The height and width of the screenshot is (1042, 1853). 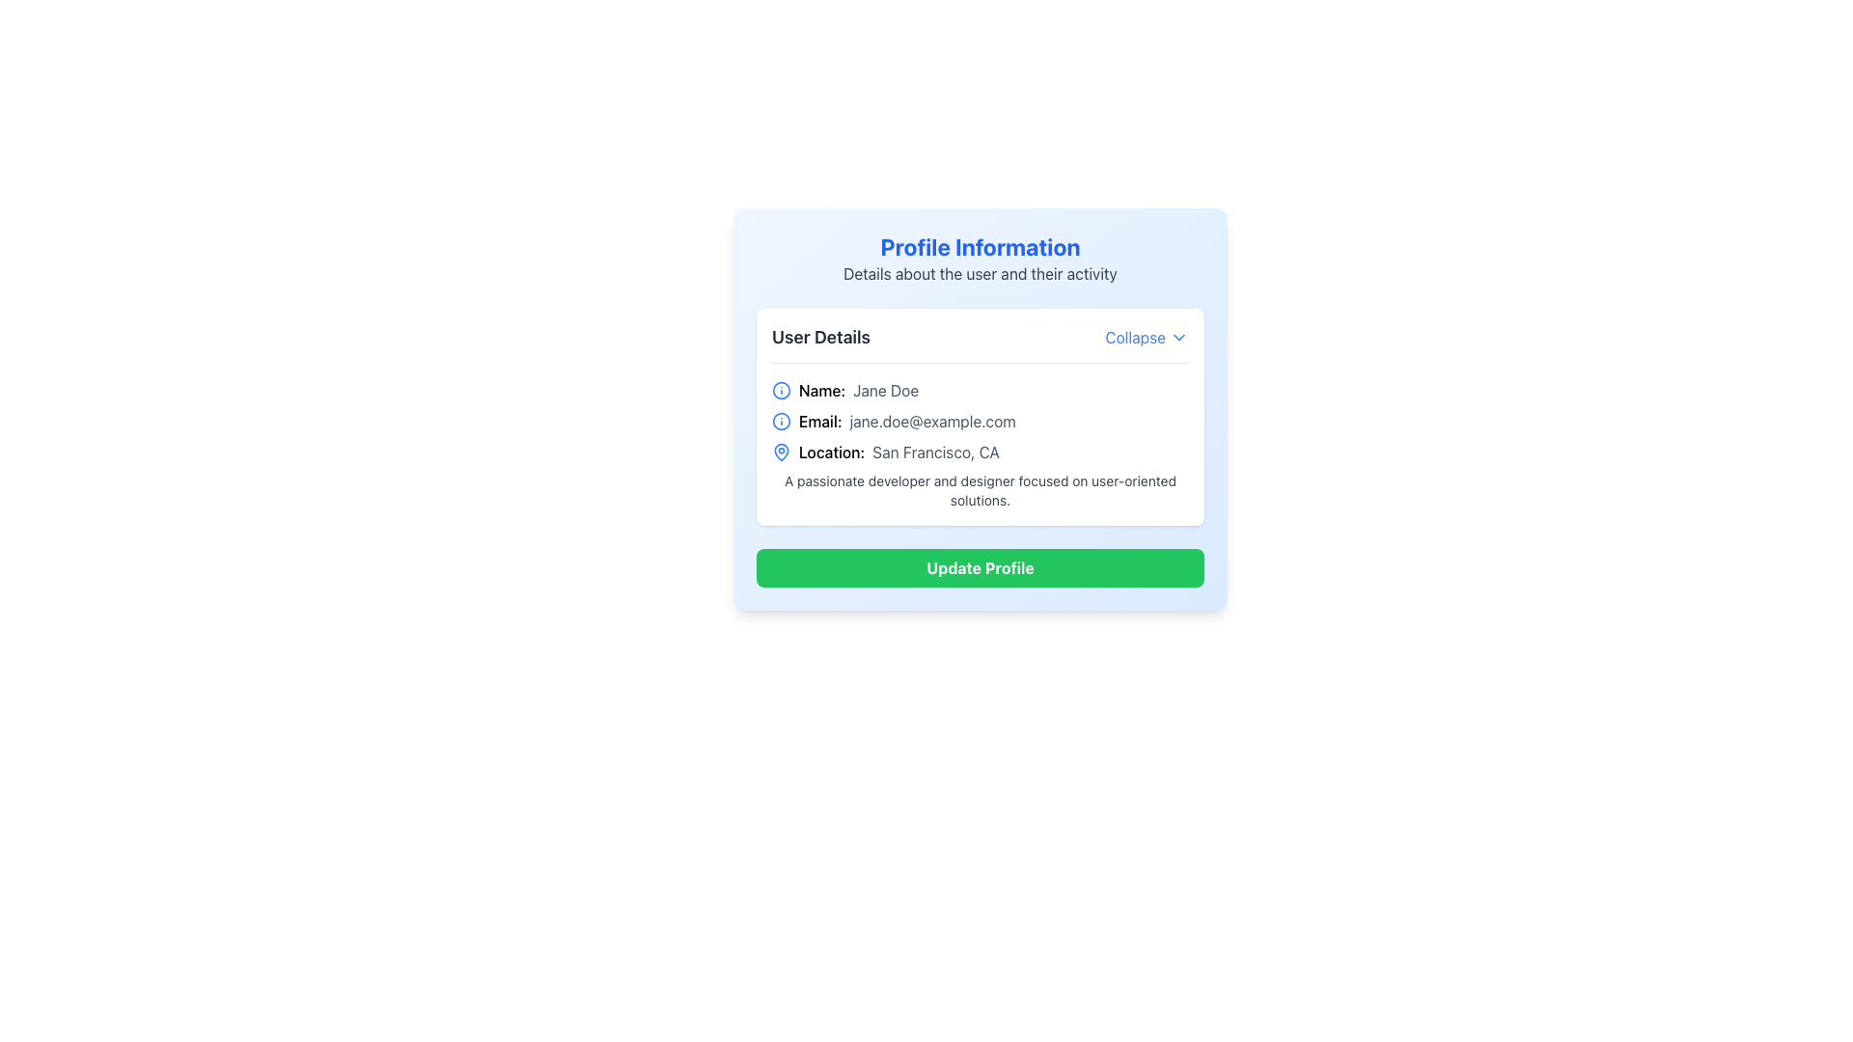 What do you see at coordinates (822, 391) in the screenshot?
I see `the Text Label that identifies the user name 'Jane Doe', positioned to the right of the user details icon and before the text 'Jane Doe' in the user details section of the card-style interface` at bounding box center [822, 391].